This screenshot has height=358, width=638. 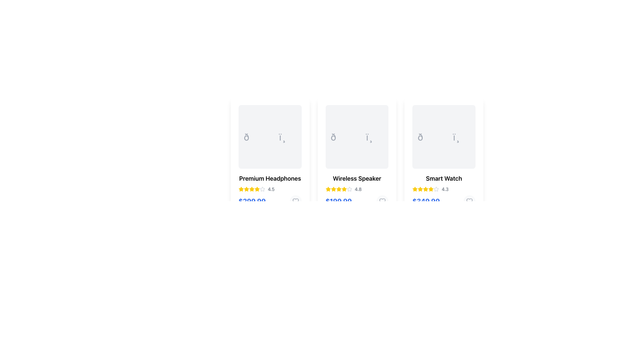 I want to click on the stylized heart icon button located at the bottom-right corner of the 'Smart Watch' product listing card, so click(x=469, y=201).